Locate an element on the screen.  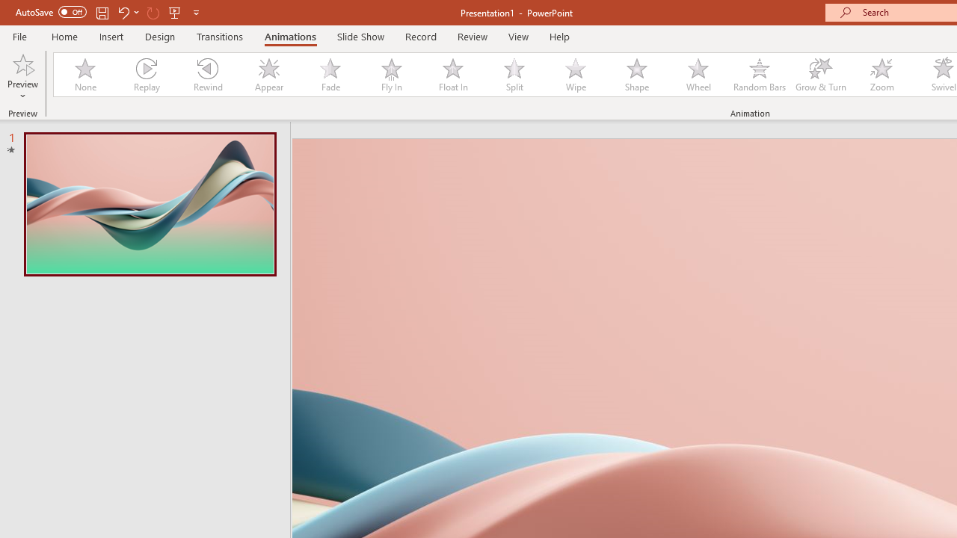
'Fly In' is located at coordinates (391, 75).